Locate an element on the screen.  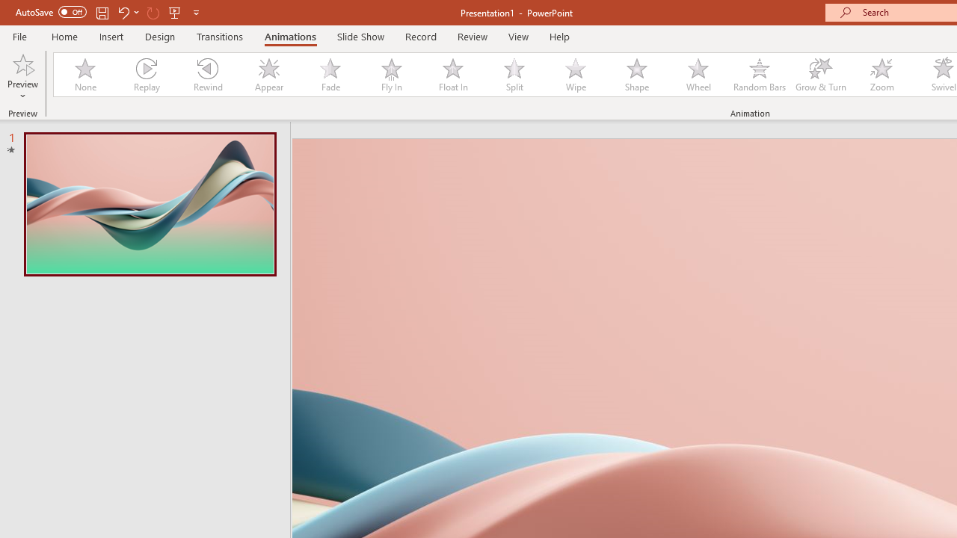
'Fly In' is located at coordinates (391, 75).